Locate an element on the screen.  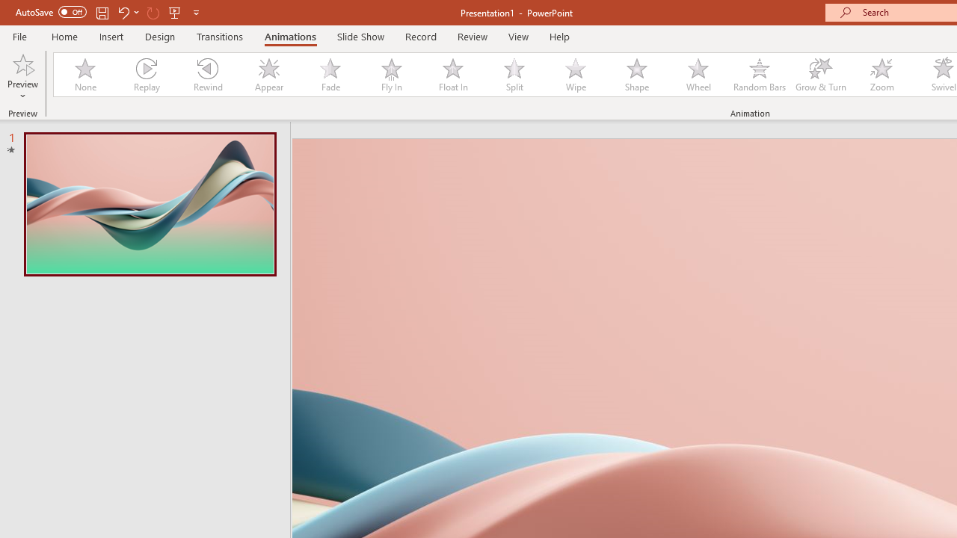
'Fly In' is located at coordinates (391, 75).